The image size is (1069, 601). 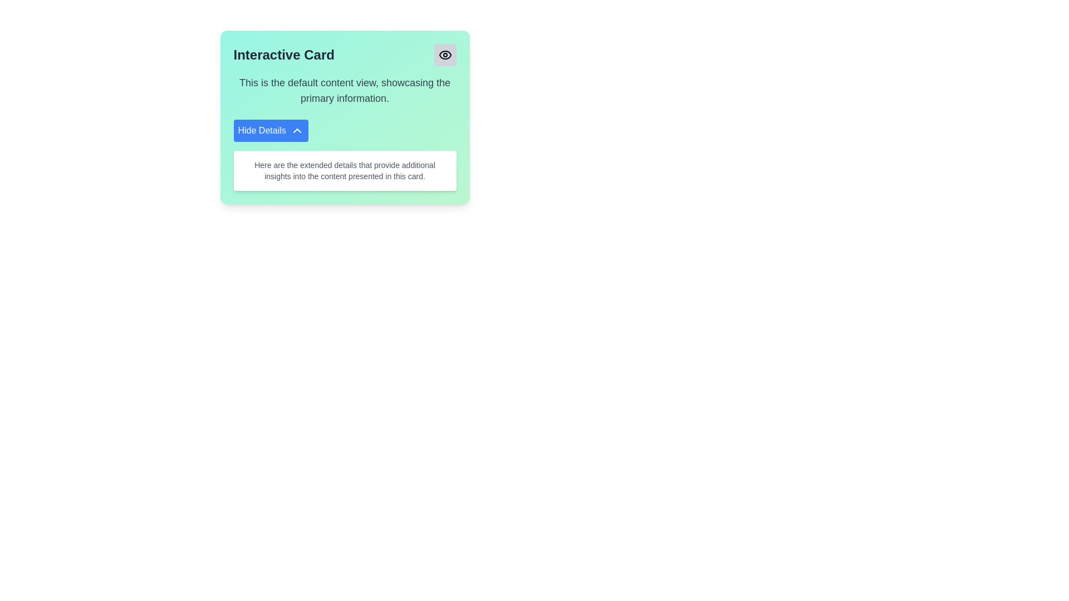 I want to click on text displayed in the text block located below the blue button labeled 'Hide Details' on the card, so click(x=344, y=171).